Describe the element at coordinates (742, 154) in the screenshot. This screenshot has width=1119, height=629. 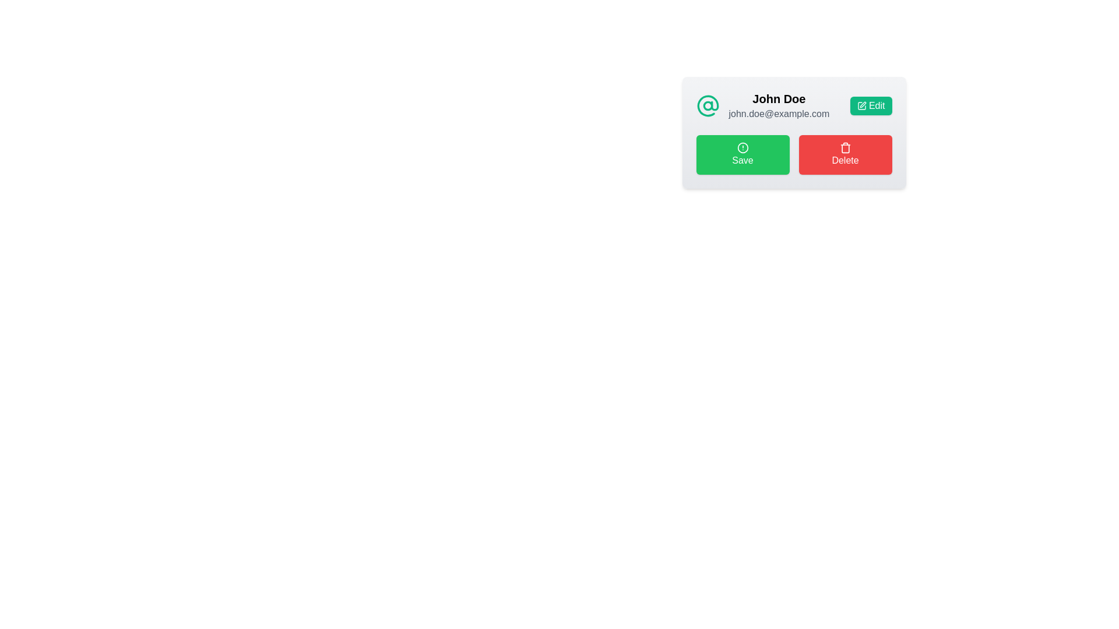
I see `the green 'Save' button with a white exclamation mark icon` at that location.